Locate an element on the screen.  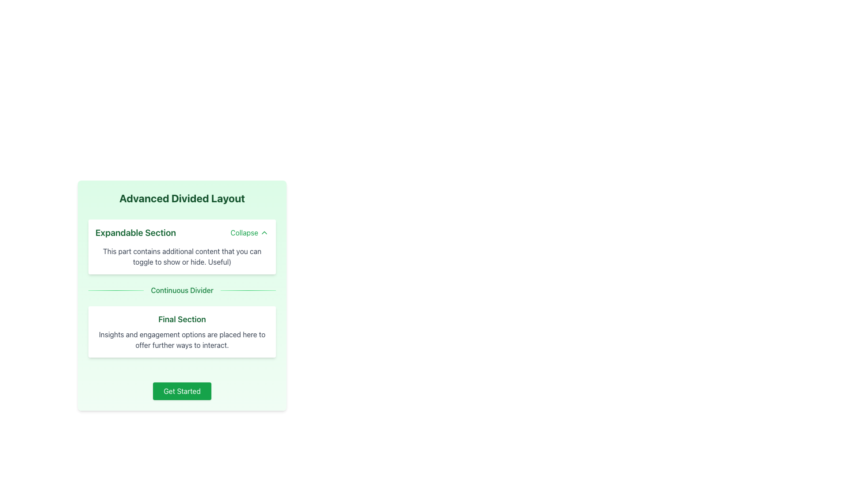
the Text label that serves as a visual separator between the 'Expandable Section' and 'Final Section' is located at coordinates (182, 290).